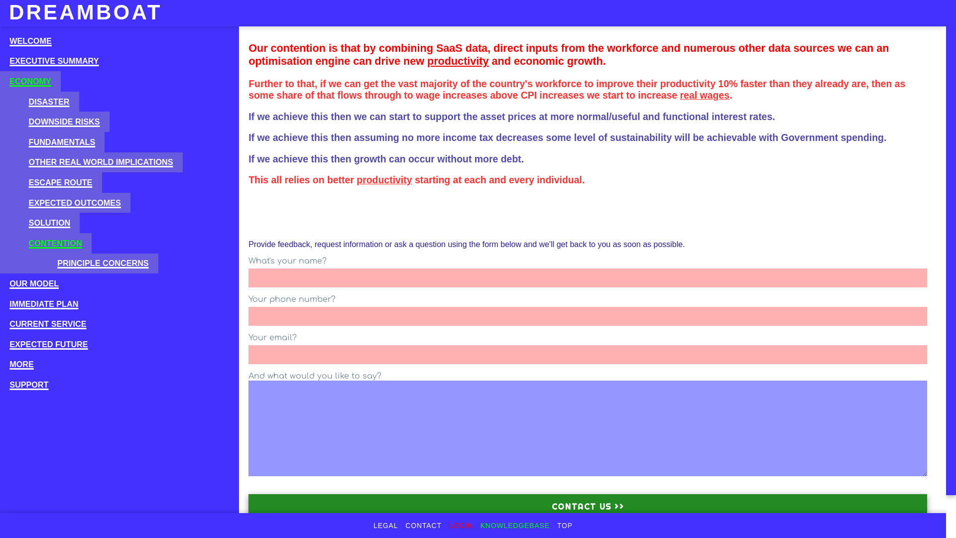  Describe the element at coordinates (480, 525) in the screenshot. I see `'KNOWLEDGEBASE'` at that location.